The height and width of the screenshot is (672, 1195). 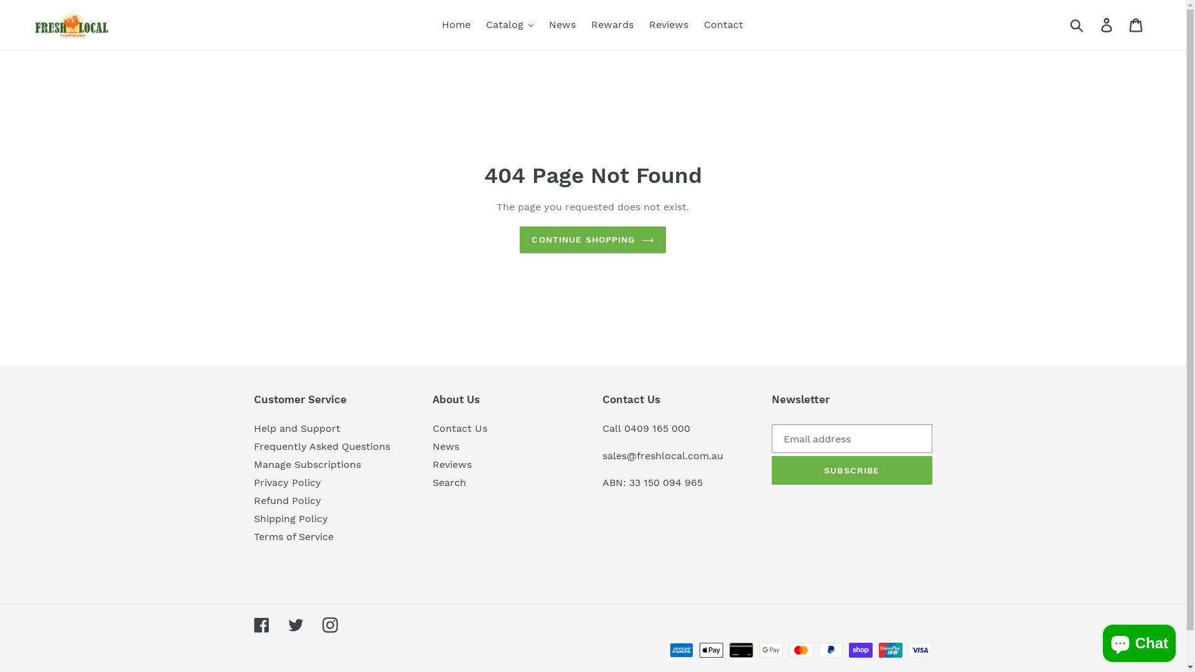 What do you see at coordinates (253, 482) in the screenshot?
I see `'Privacy Policy'` at bounding box center [253, 482].